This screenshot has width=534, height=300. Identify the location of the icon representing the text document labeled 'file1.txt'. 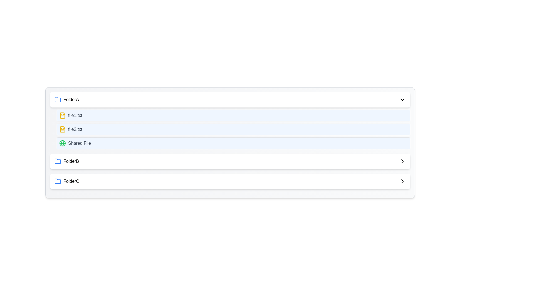
(63, 115).